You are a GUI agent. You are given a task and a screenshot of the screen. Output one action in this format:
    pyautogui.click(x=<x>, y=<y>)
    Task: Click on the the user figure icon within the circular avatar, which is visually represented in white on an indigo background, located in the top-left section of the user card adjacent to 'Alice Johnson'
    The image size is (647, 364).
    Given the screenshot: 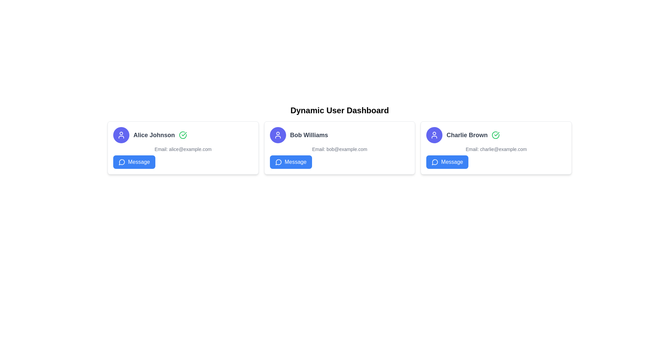 What is the action you would take?
    pyautogui.click(x=121, y=135)
    